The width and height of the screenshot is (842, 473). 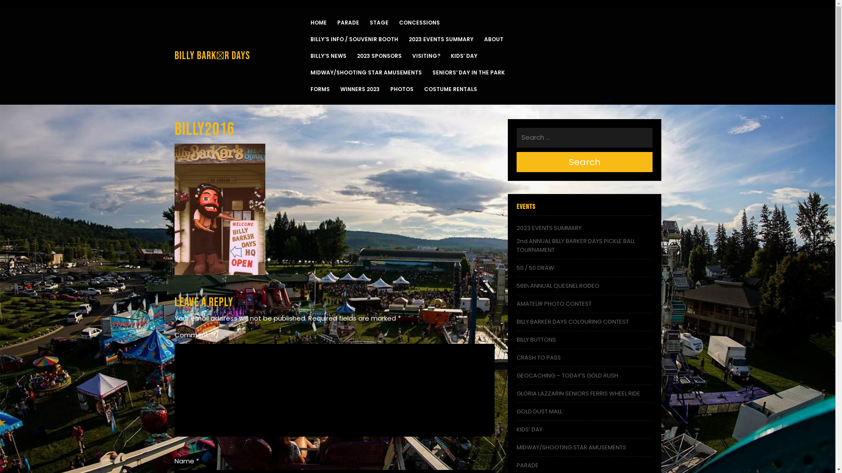 What do you see at coordinates (336, 22) in the screenshot?
I see `'PARADE'` at bounding box center [336, 22].